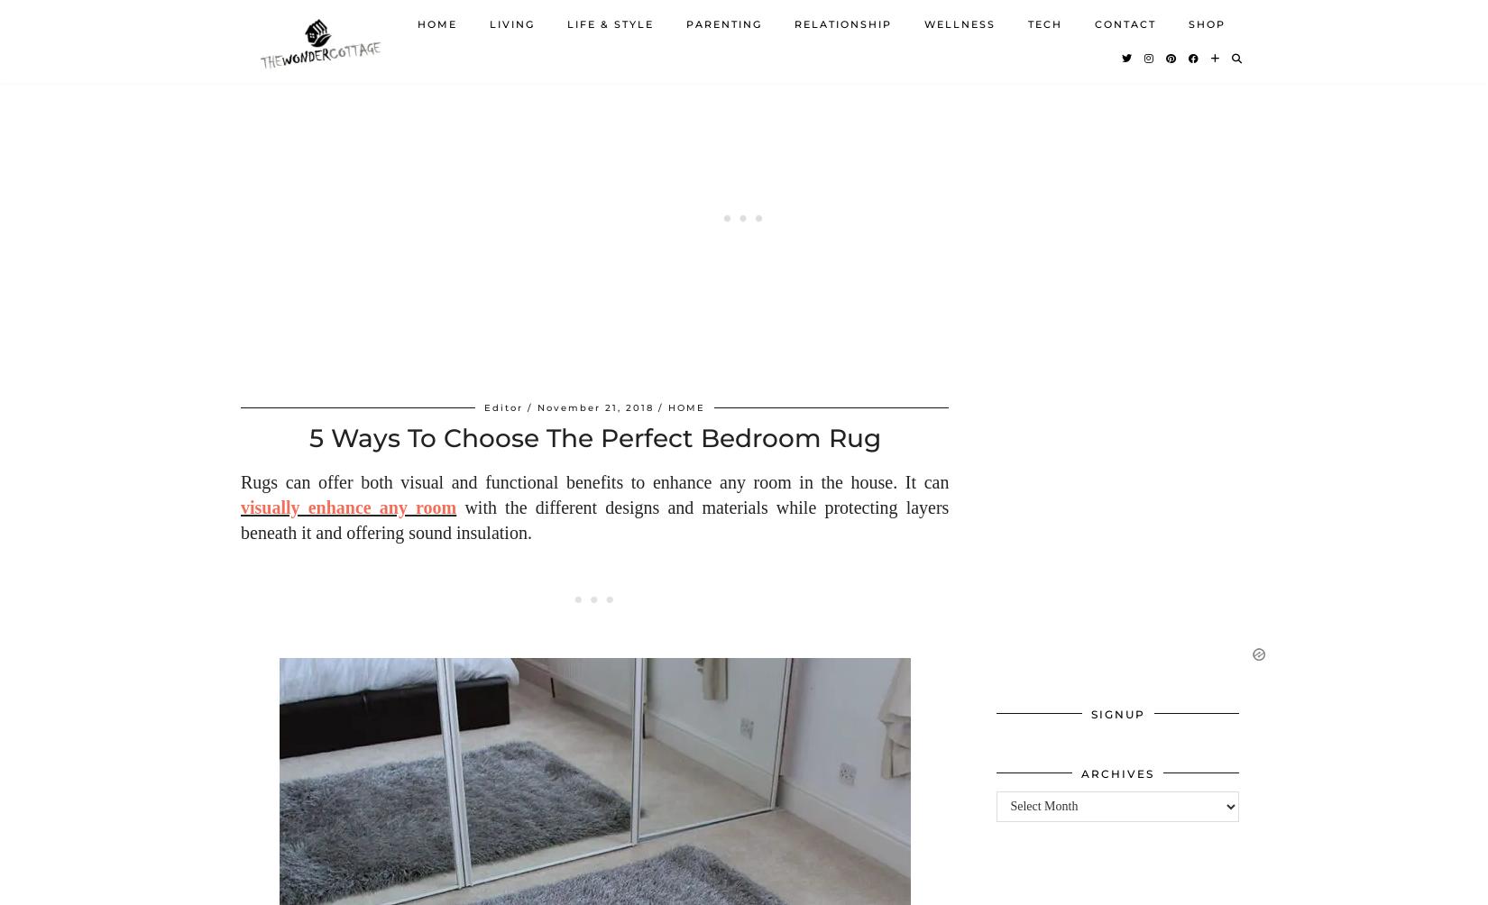 The height and width of the screenshot is (905, 1488). I want to click on 'CHILD CARE', so click(726, 110).